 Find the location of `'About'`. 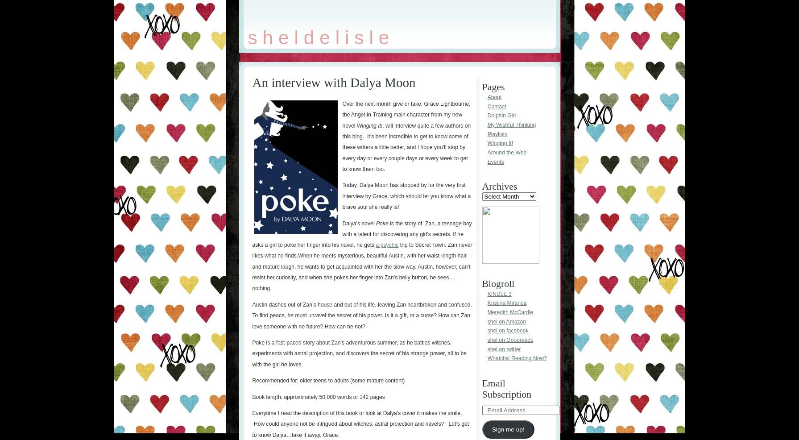

'About' is located at coordinates (486, 97).